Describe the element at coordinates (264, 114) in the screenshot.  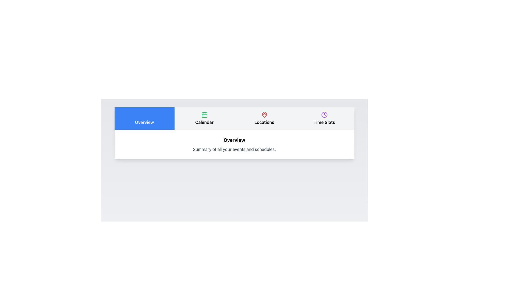
I see `the 'Locations' icon, which is located on the navigation bar to the right of the 'Calendar' icon and to the left of the 'Time Slots' icon` at that location.